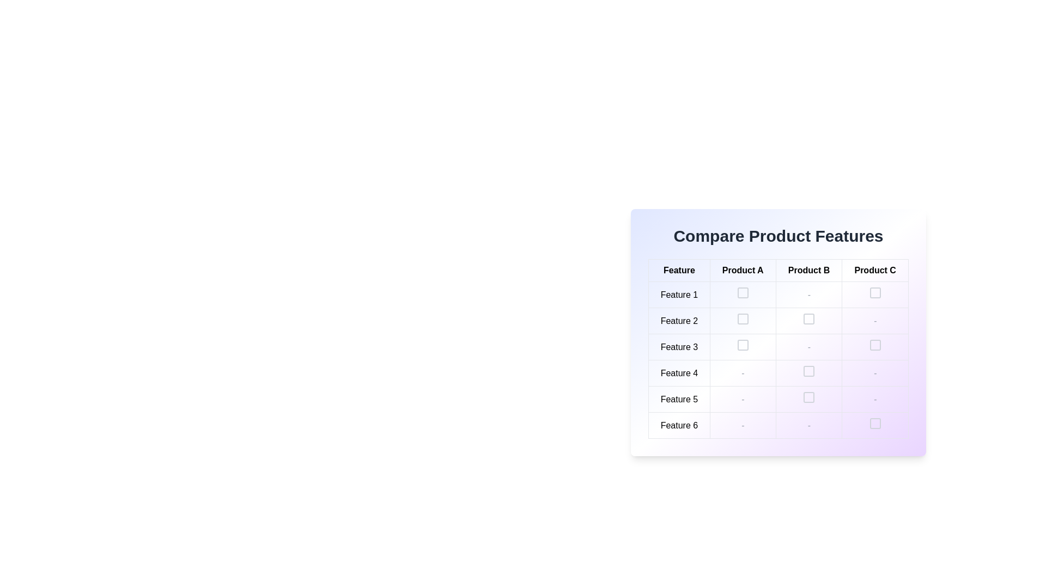 The width and height of the screenshot is (1046, 588). Describe the element at coordinates (809, 397) in the screenshot. I see `square-shaped gray icon located in the 'Compare Product Features' table under 'Product B' for 'Feature 5' to gather details about its styling or purpose` at that location.